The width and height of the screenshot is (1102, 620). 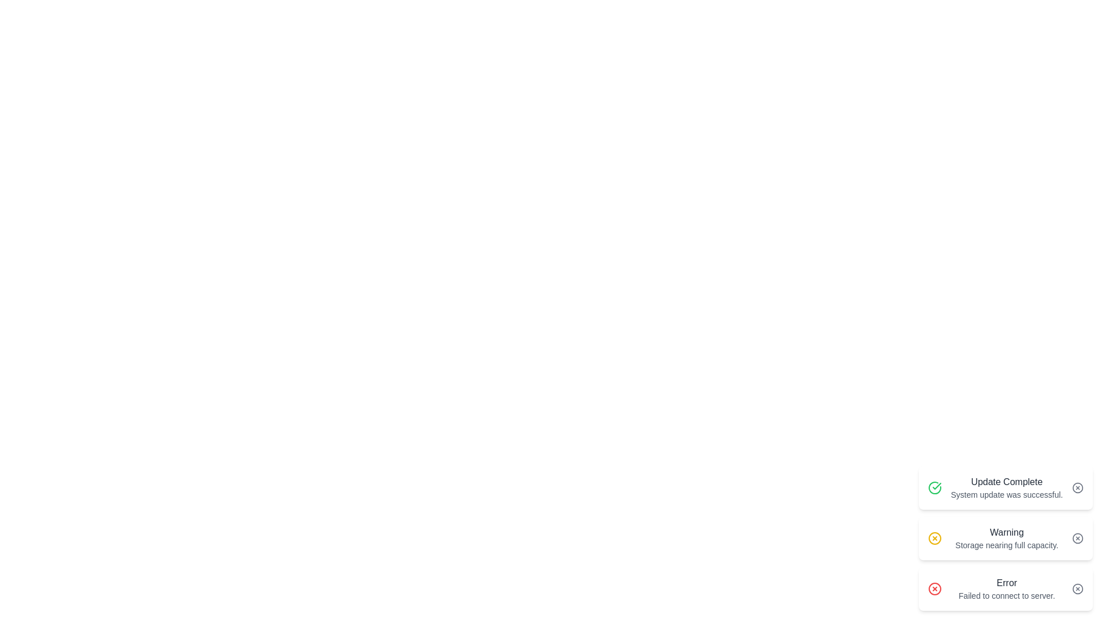 I want to click on the Notification Card displaying a 'Warning' status with the message 'Storage nearing full capacity.' This card is styled with a white background and rounded edges, located in the middle of a stack of notifications, so click(x=1005, y=538).